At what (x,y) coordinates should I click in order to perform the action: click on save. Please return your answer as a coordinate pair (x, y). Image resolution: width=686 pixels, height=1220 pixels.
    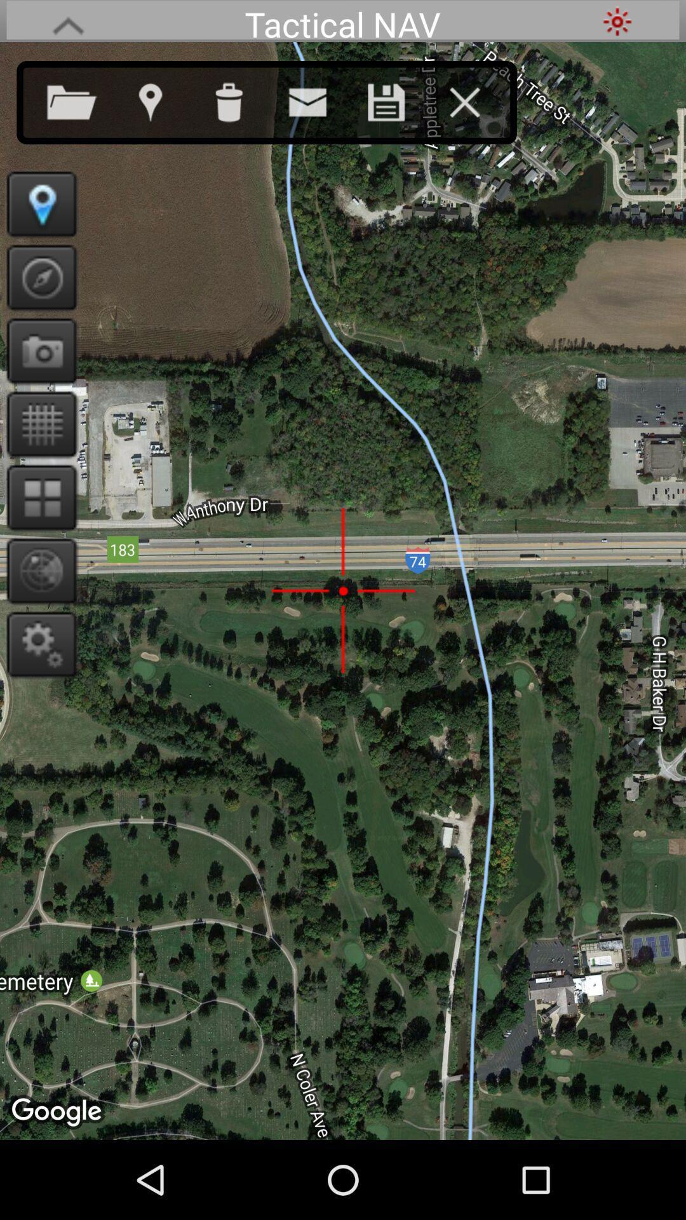
    Looking at the image, I should click on (398, 99).